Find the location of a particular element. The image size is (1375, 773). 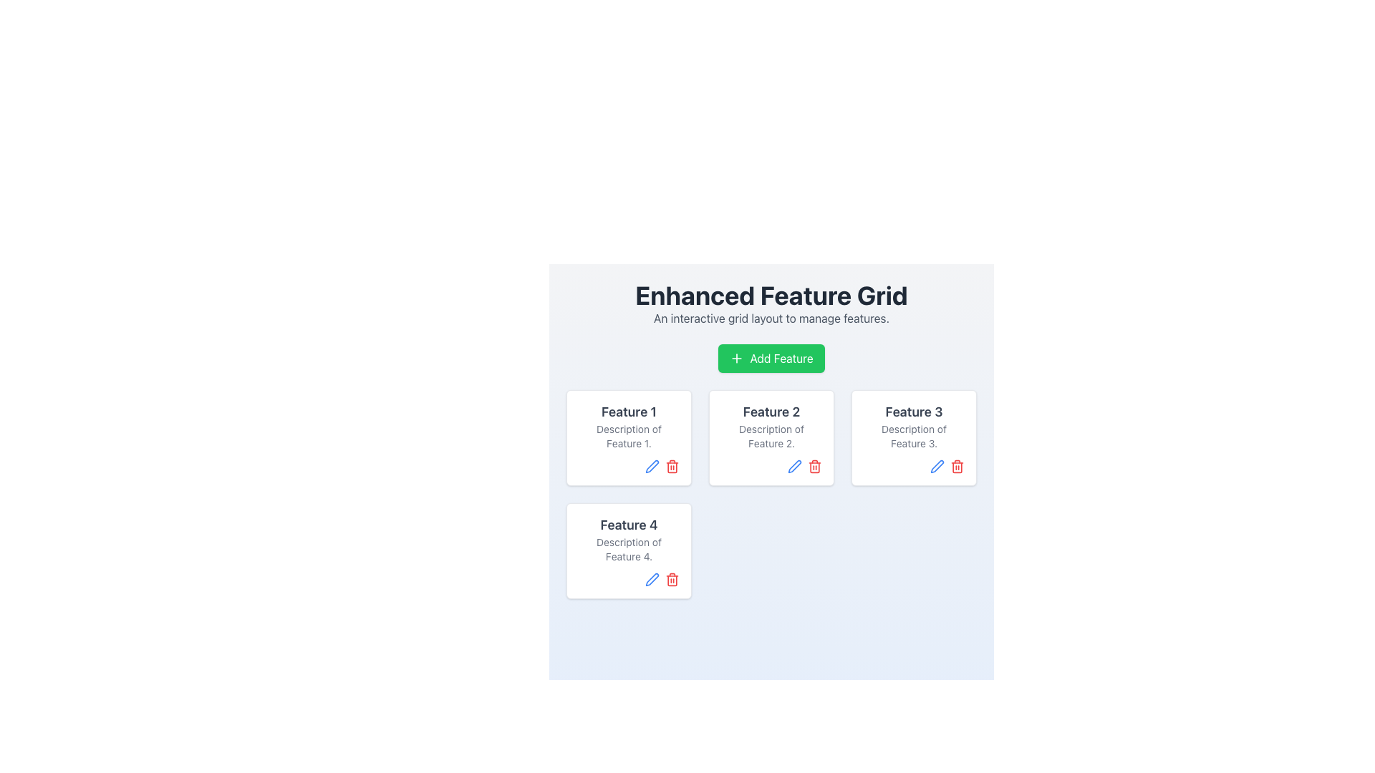

the Card section located in the second row of the grid, directly below the 'Feature 1' card in the first column is located at coordinates (629, 539).